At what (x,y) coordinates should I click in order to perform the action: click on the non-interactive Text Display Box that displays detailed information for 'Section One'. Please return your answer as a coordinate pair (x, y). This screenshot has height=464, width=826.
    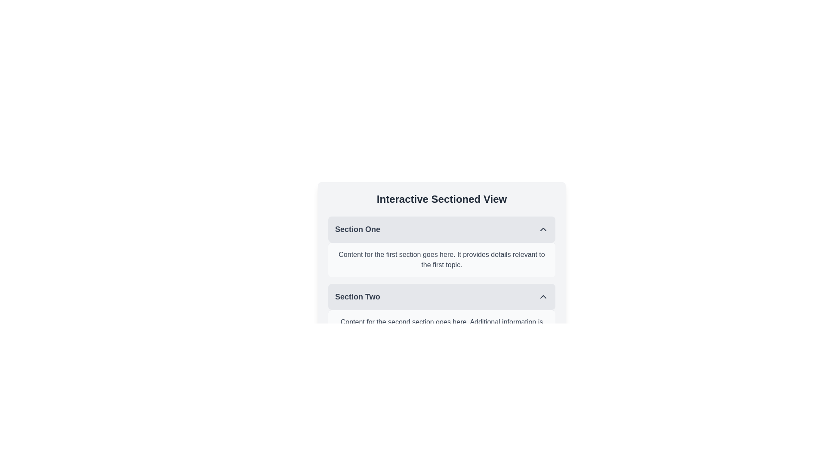
    Looking at the image, I should click on (442, 259).